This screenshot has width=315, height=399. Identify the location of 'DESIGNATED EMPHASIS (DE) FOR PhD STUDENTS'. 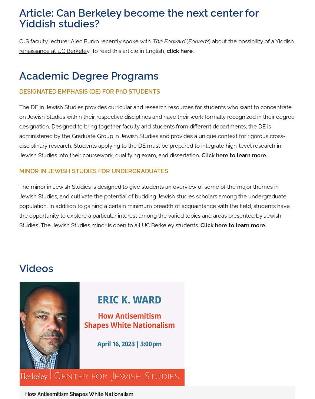
(19, 91).